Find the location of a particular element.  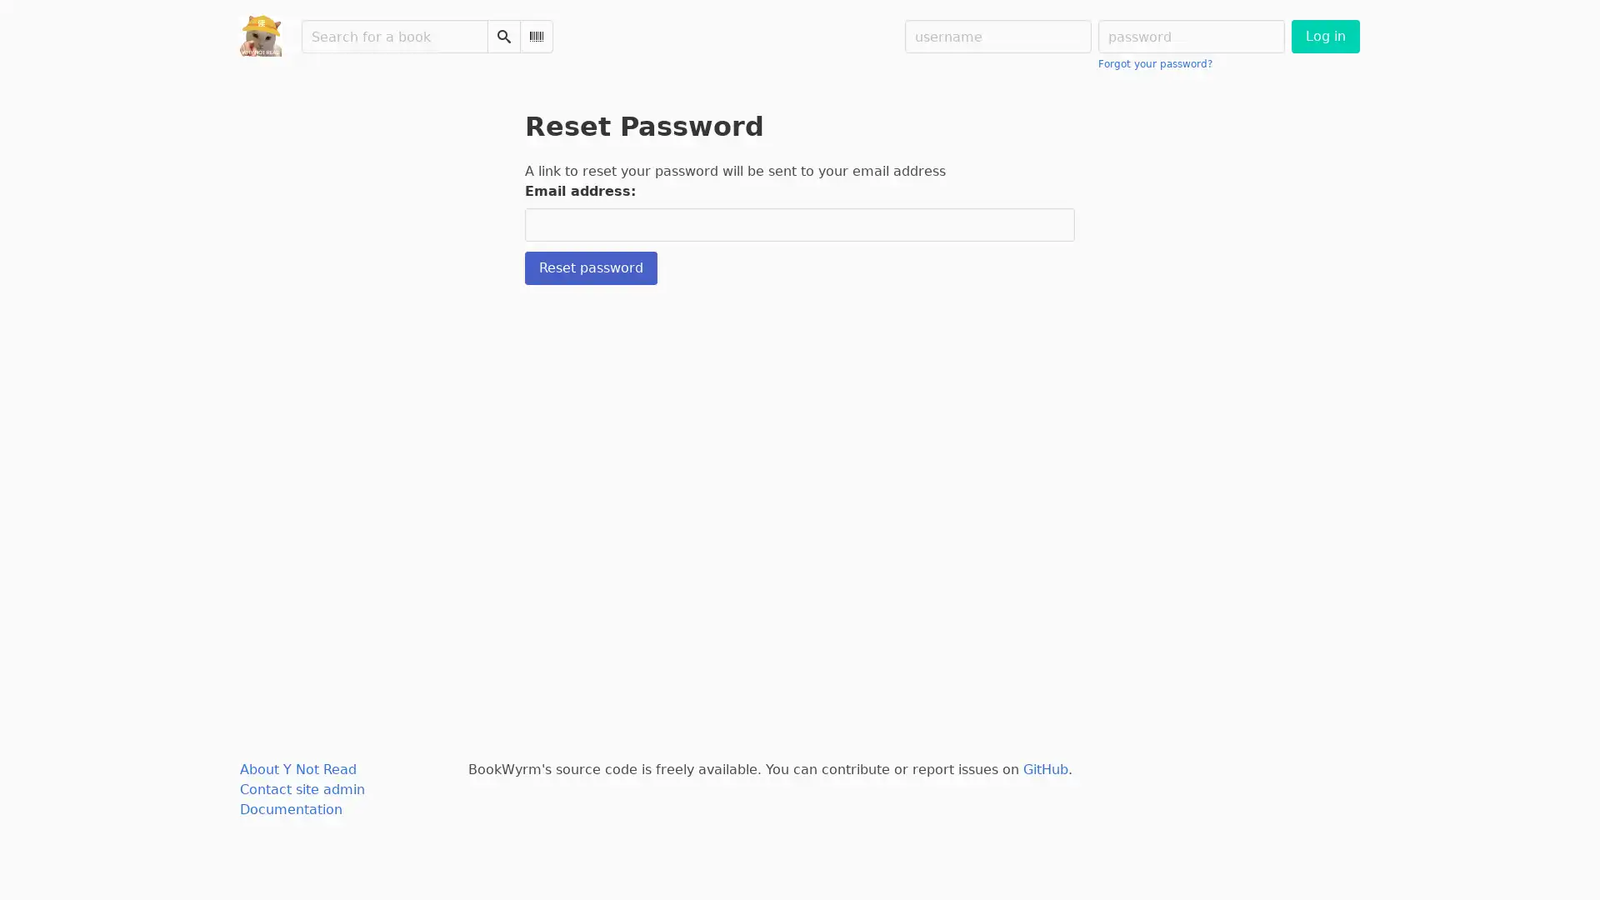

Scan Barcode is located at coordinates (536, 36).